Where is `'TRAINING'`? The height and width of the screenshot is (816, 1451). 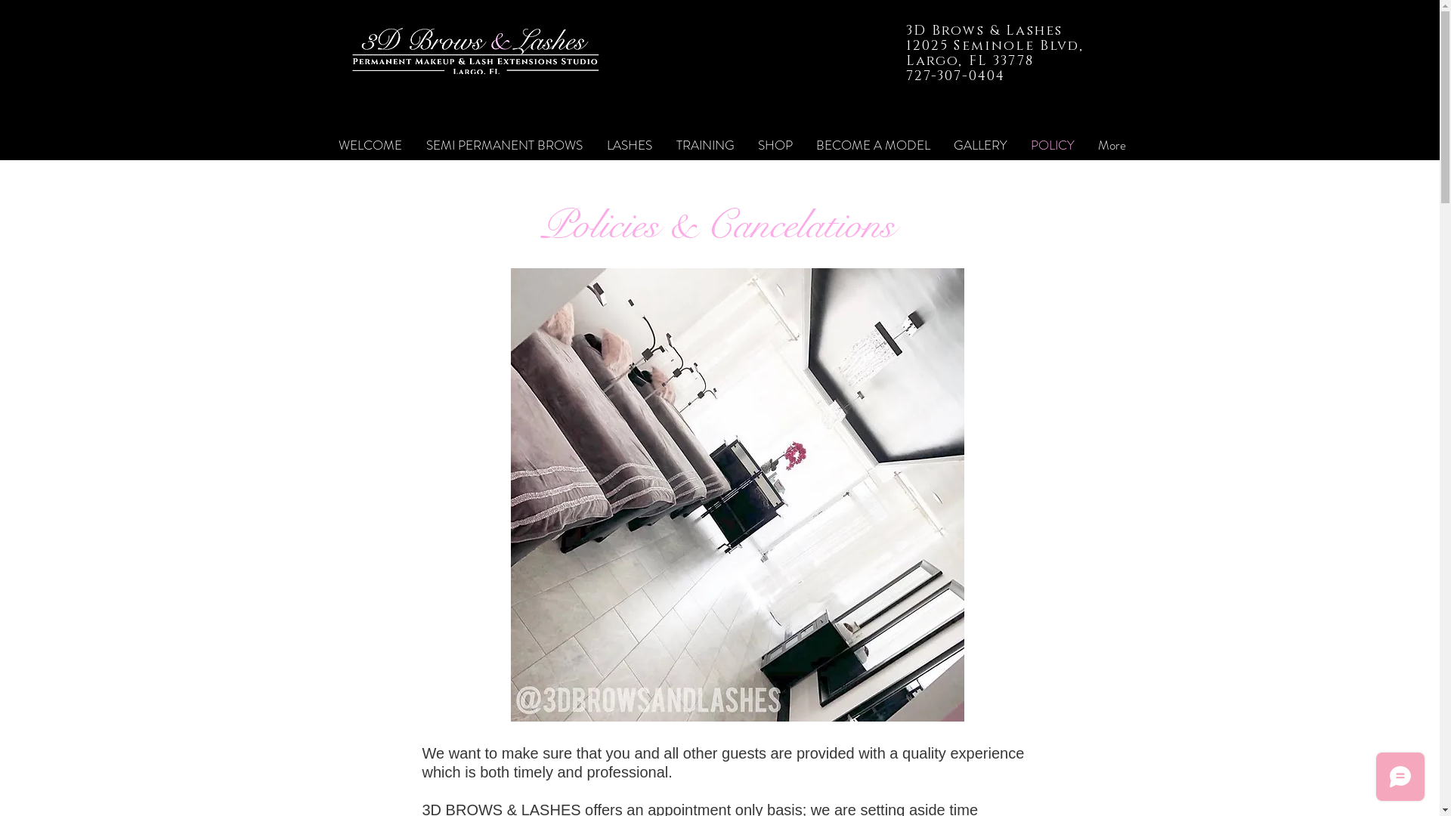
'TRAINING' is located at coordinates (664, 145).